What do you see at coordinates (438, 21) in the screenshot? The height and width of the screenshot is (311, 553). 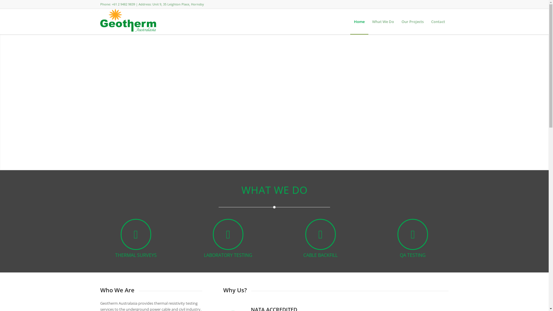 I see `'Contact'` at bounding box center [438, 21].